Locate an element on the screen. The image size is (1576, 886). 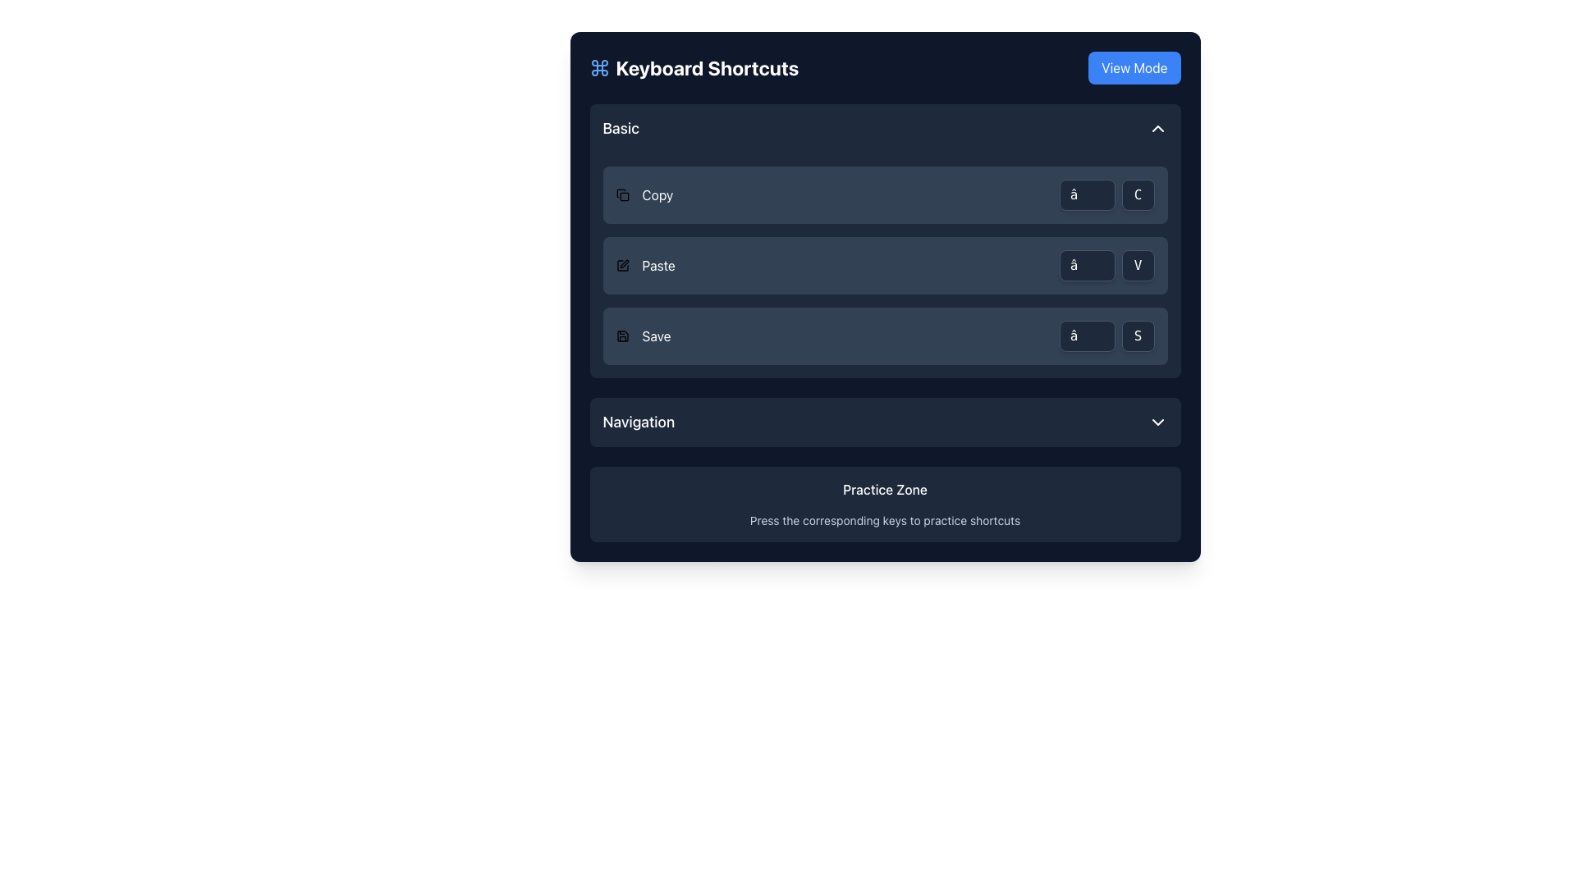
the 'Paste' action element is located at coordinates (884, 265).